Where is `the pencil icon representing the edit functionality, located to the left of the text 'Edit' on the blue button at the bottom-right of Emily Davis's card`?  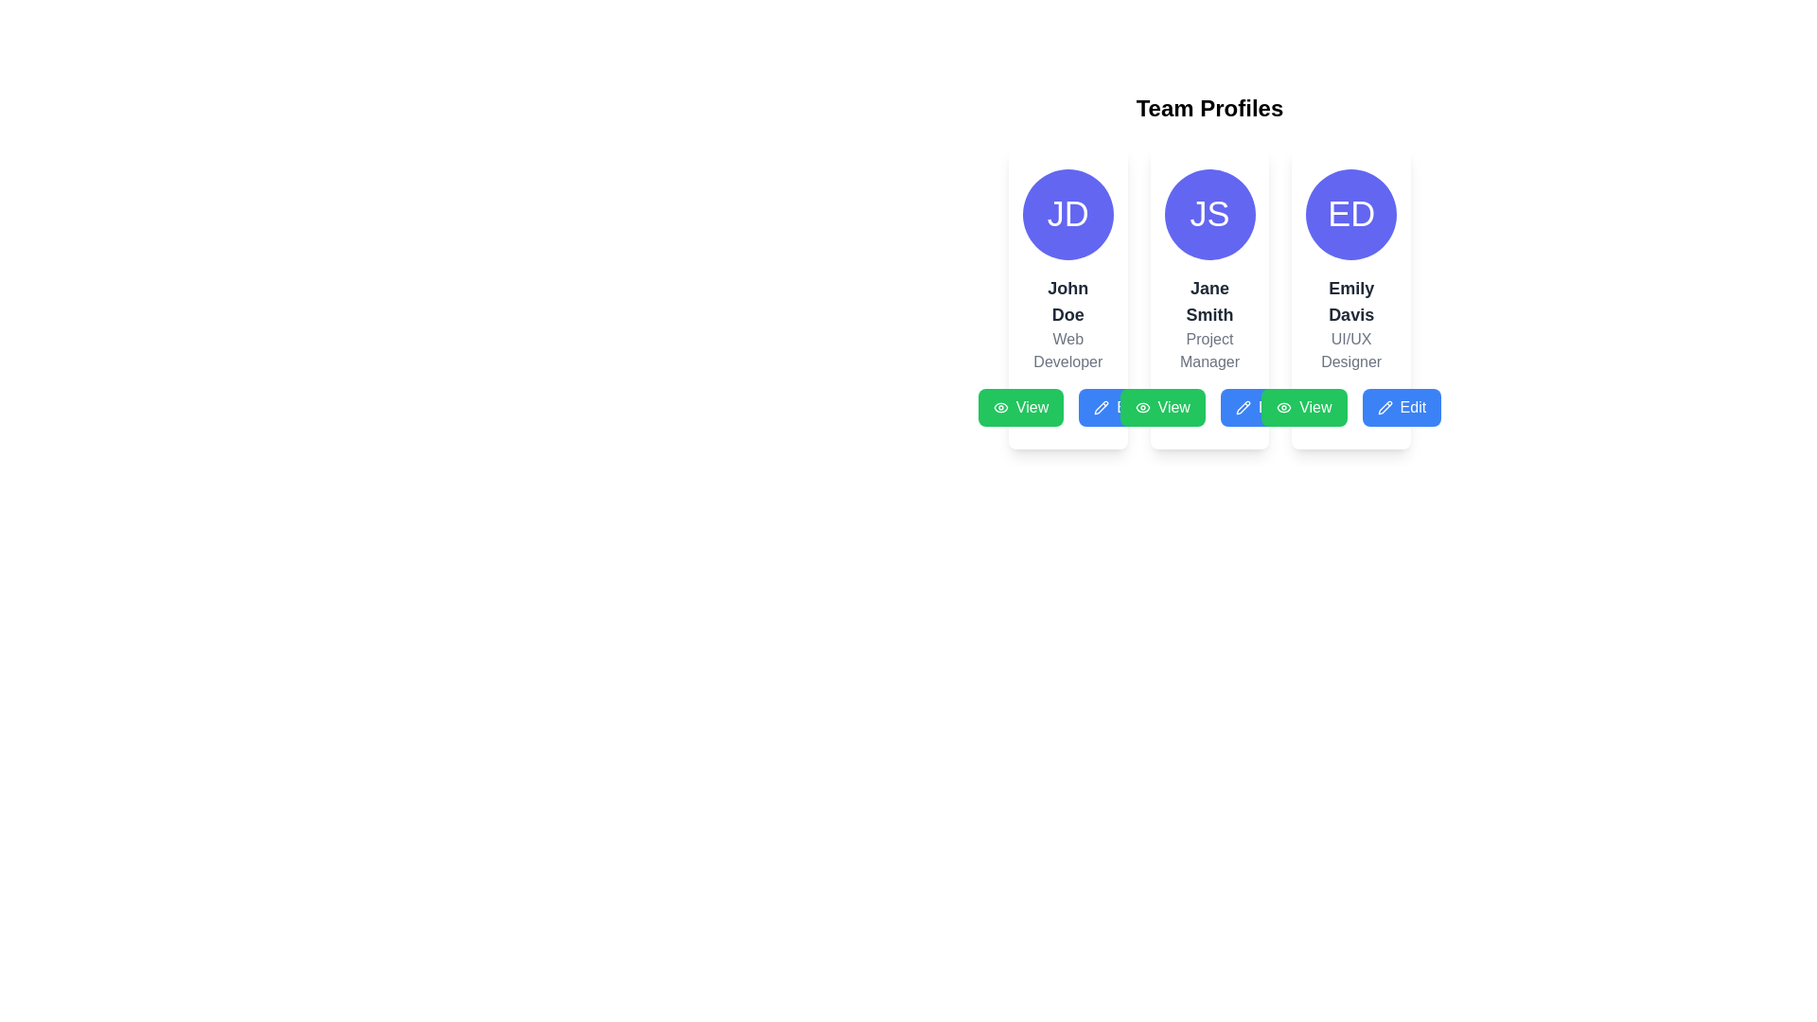
the pencil icon representing the edit functionality, located to the left of the text 'Edit' on the blue button at the bottom-right of Emily Davis's card is located at coordinates (1102, 407).